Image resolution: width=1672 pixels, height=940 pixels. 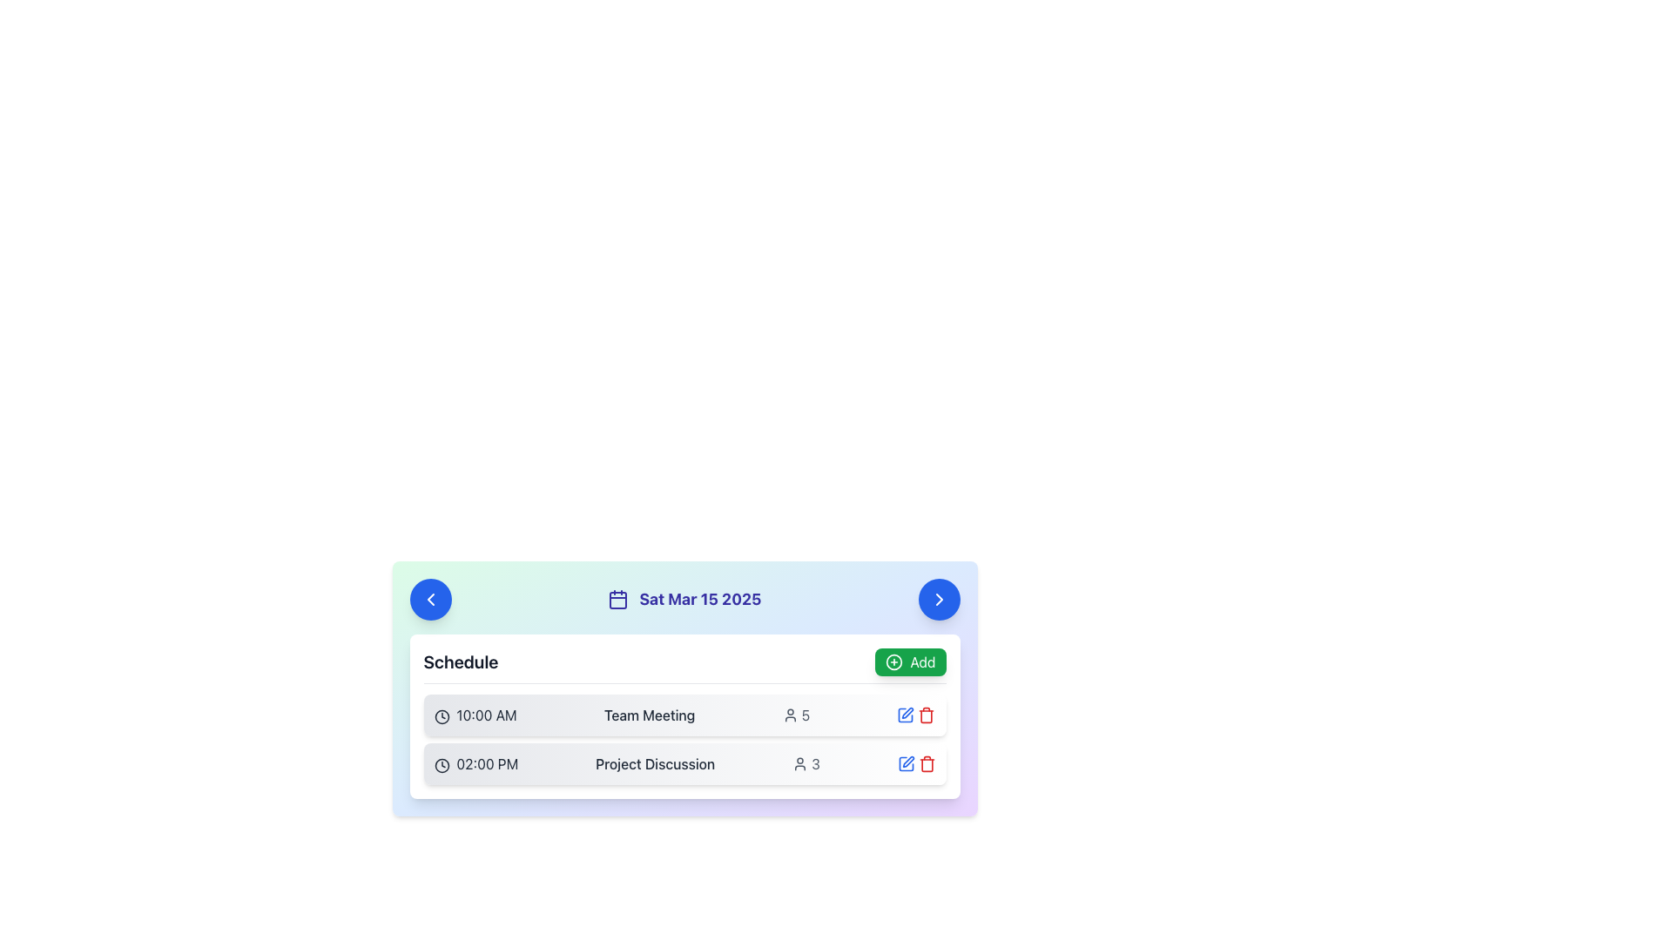 I want to click on the first Event Card in the vertically stacked list of scheduled events, so click(x=684, y=715).